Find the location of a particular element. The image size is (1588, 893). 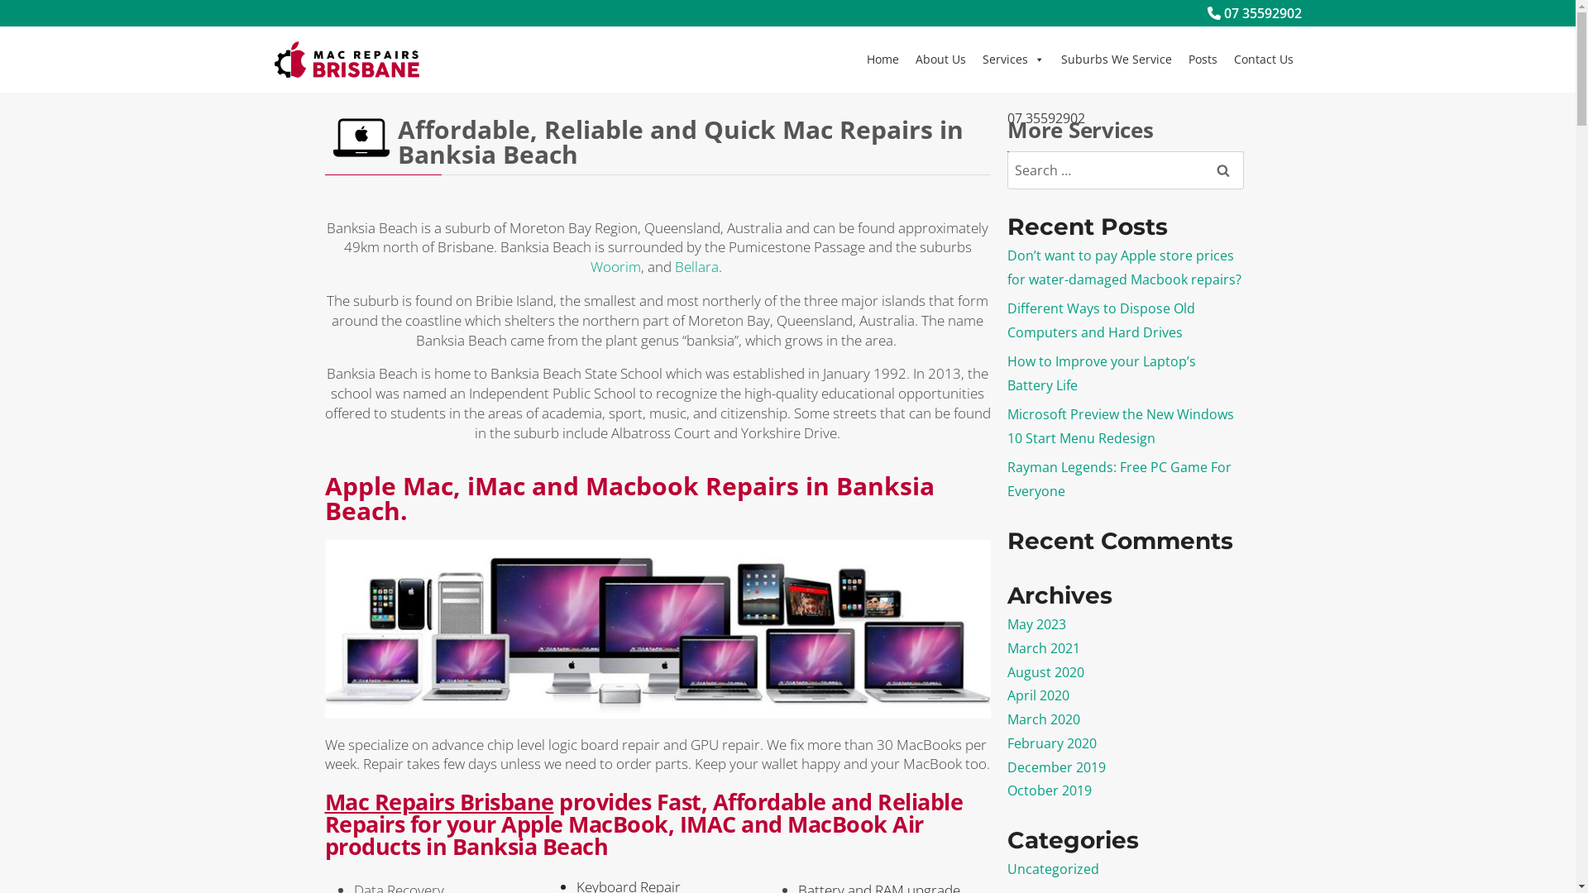

'December 2019' is located at coordinates (1055, 767).